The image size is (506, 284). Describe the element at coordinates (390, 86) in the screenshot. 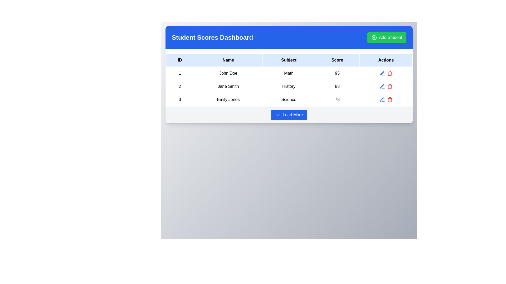

I see `the red trash icon located in the 'Actions' column of the second row associated with 'Jane Smith / History / 88'` at that location.